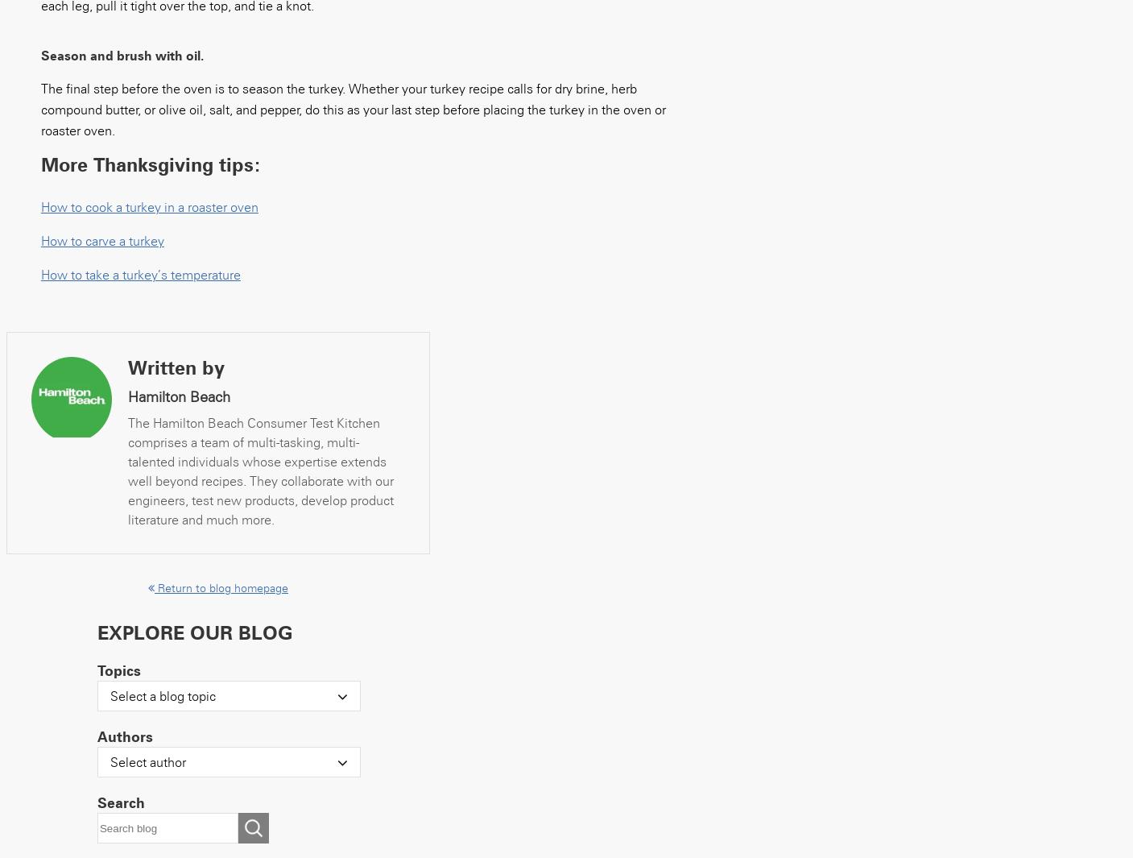 The height and width of the screenshot is (858, 1133). I want to click on 'Season and brush with oil.', so click(121, 55).